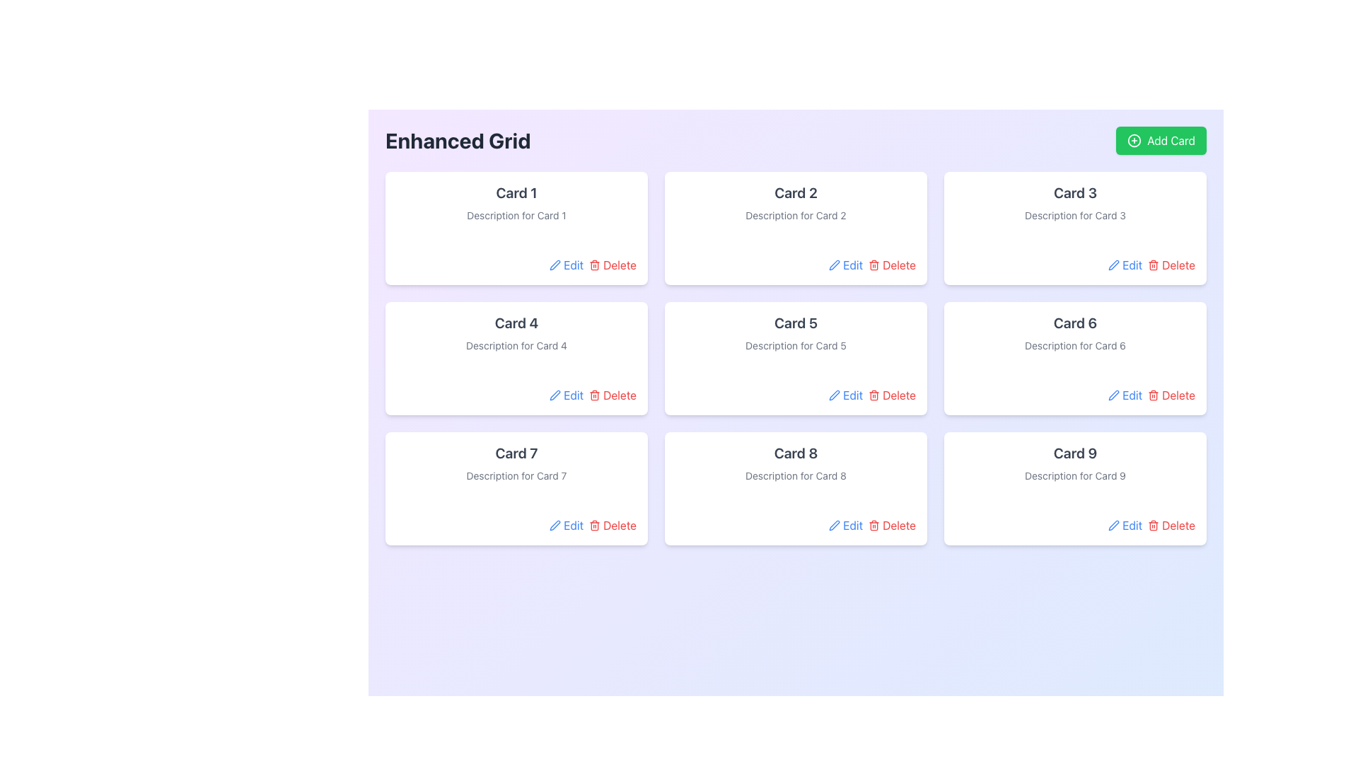 This screenshot has width=1358, height=764. What do you see at coordinates (1113, 526) in the screenshot?
I see `the small pen icon located to the left of the 'Edit' text label at the bottom right corner of 'Card 9'` at bounding box center [1113, 526].